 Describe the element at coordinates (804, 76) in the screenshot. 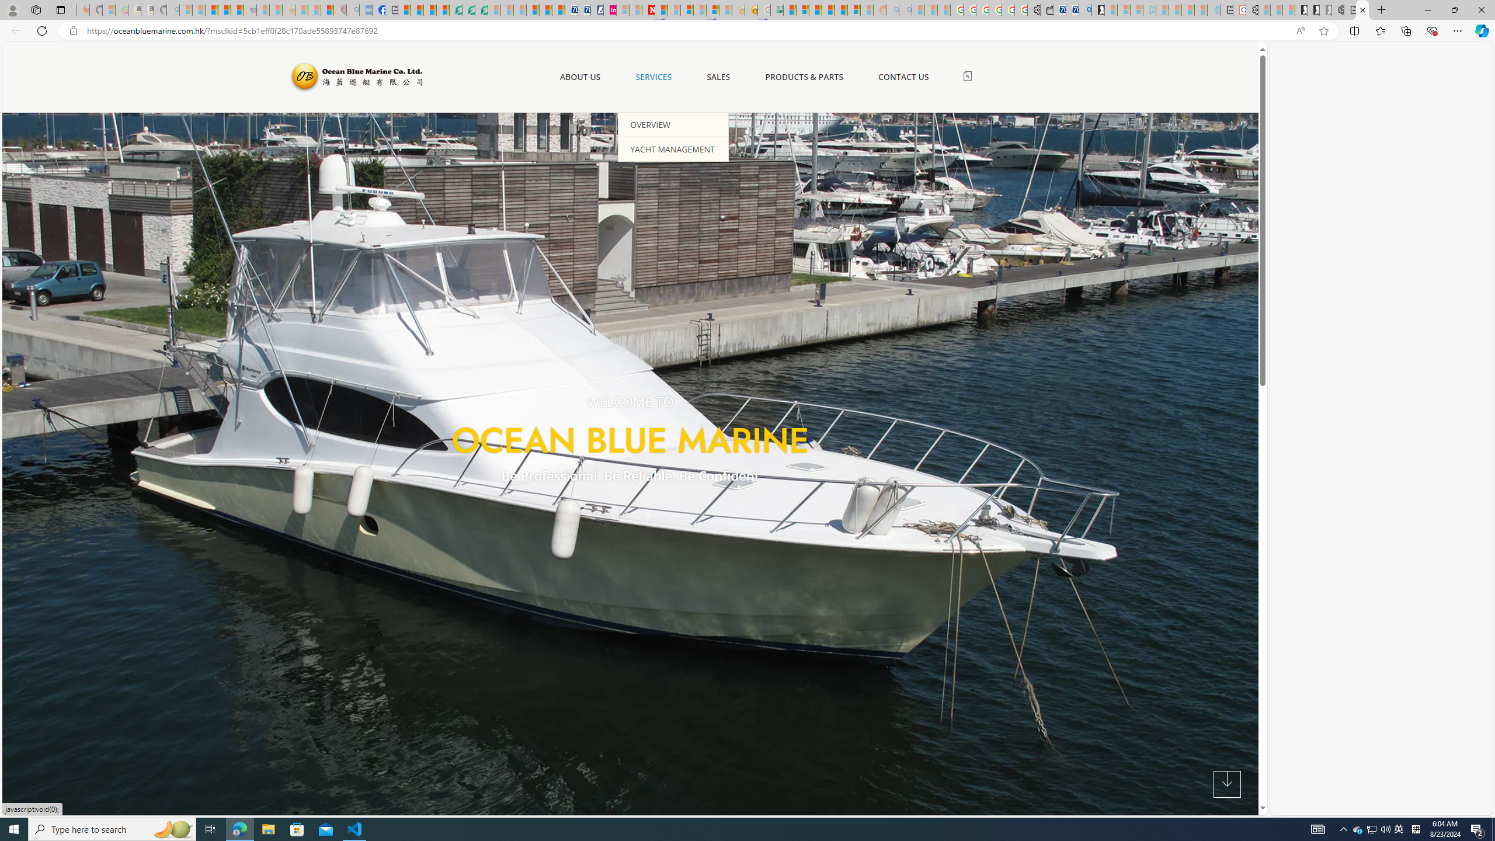

I see `'PRODUCTS & PARTS'` at that location.